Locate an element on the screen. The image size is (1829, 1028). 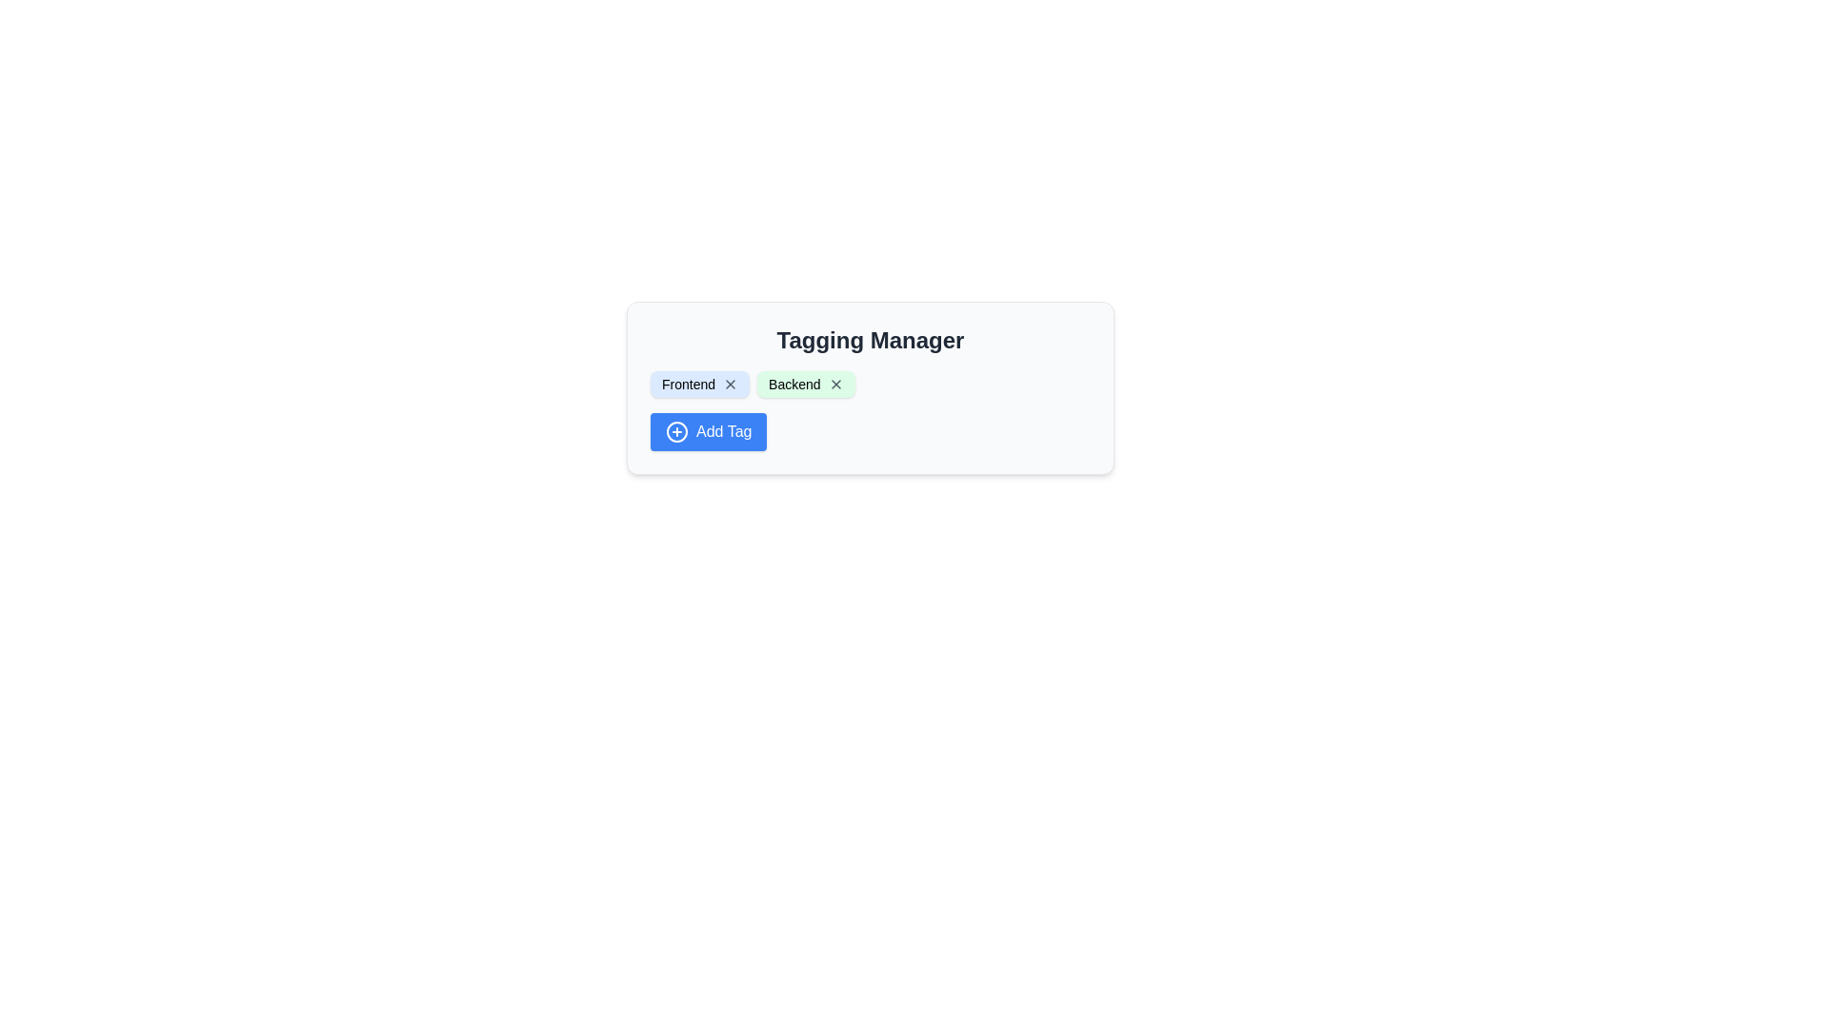
the decorative SVG circle element that supports the 'Add Tag' button, which is centrally positioned within the larger icon is located at coordinates (676, 432).